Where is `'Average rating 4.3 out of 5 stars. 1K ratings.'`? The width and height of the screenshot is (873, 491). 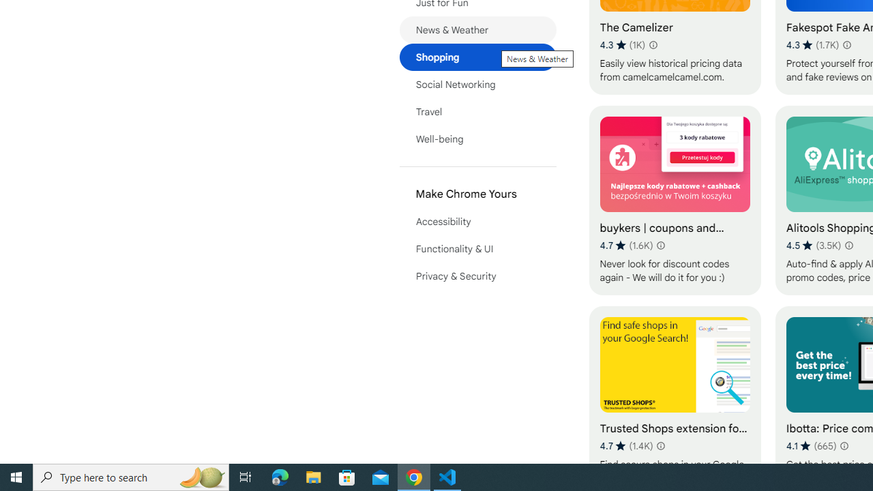 'Average rating 4.3 out of 5 stars. 1K ratings.' is located at coordinates (622, 44).